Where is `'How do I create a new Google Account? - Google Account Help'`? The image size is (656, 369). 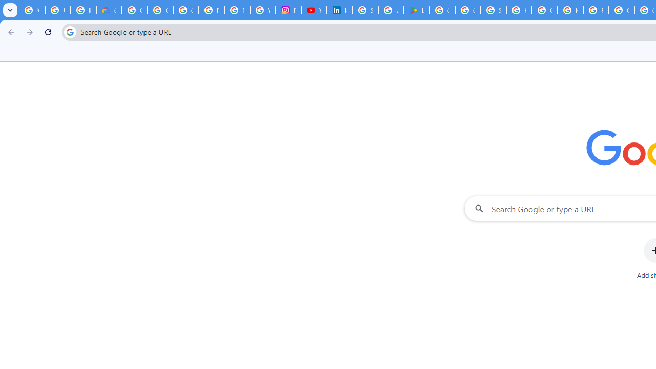
'How do I create a new Google Account? - Google Account Help' is located at coordinates (569, 10).